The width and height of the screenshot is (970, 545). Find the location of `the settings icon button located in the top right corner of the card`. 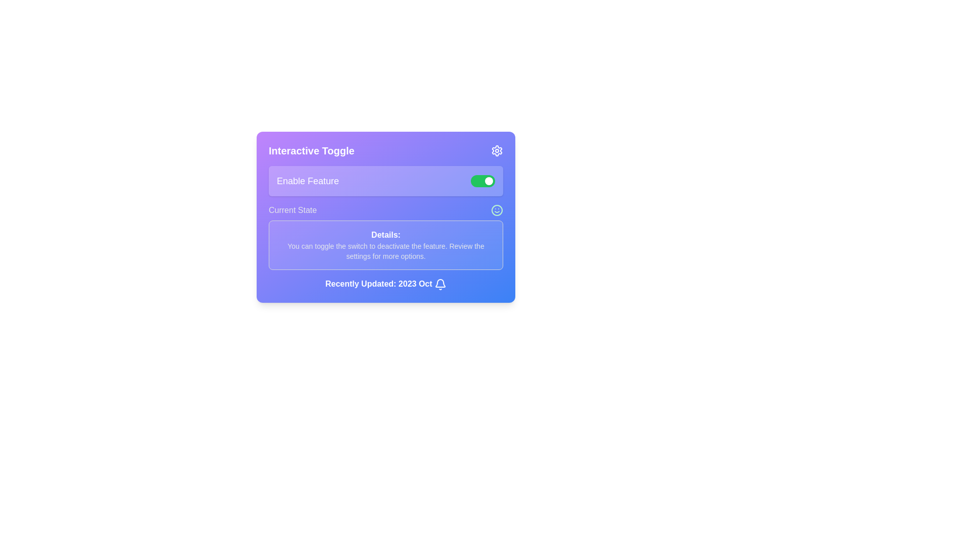

the settings icon button located in the top right corner of the card is located at coordinates (497, 151).